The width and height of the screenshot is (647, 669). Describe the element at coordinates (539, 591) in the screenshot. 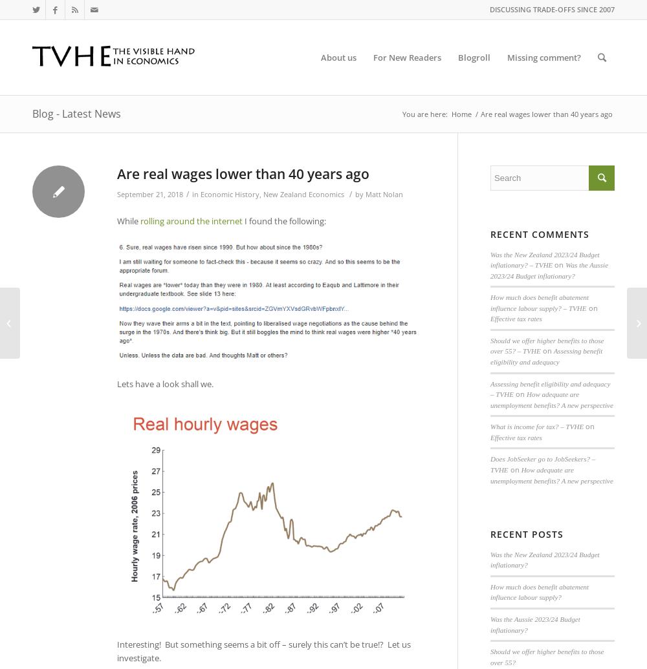

I see `'How much does benefit abatement influence labour supply?'` at that location.